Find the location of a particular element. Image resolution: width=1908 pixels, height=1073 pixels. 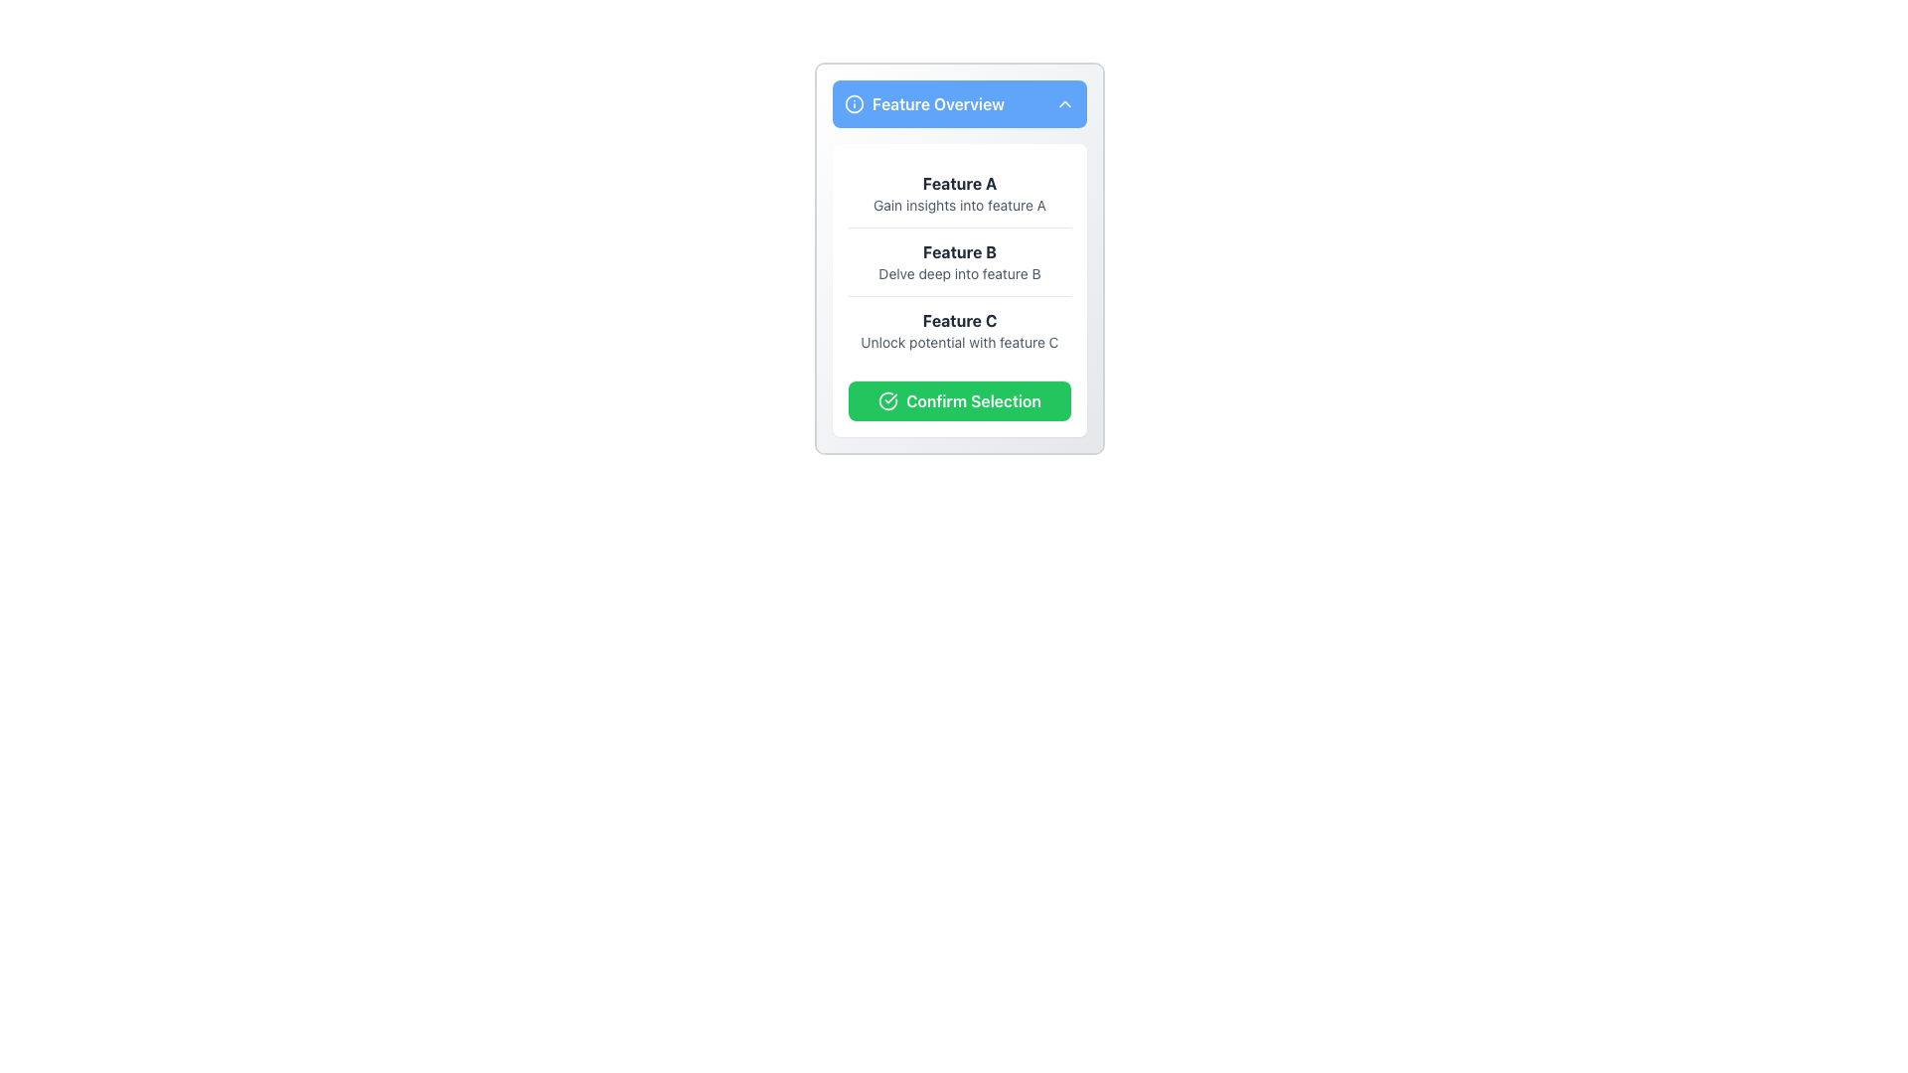

text 'Gain insights into feature A', which is styled in a smaller gray font and located directly below the heading 'Feature A' is located at coordinates (959, 206).